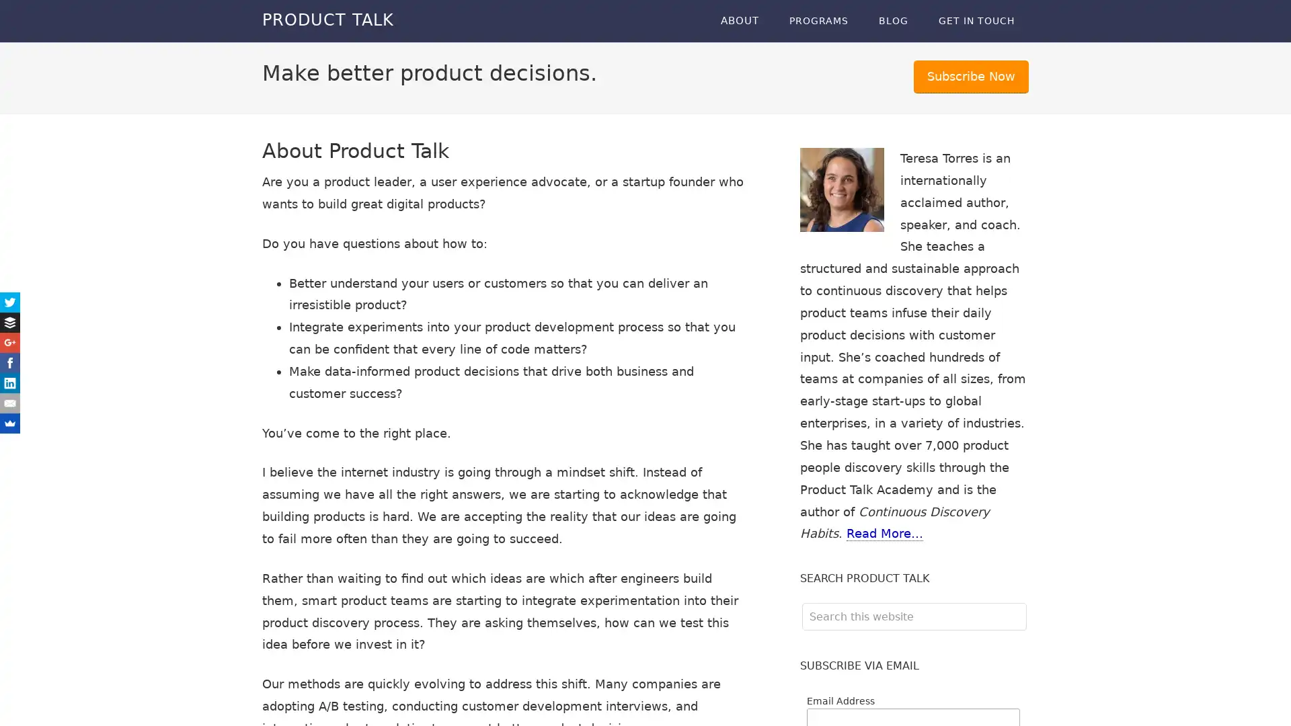 This screenshot has height=726, width=1291. Describe the element at coordinates (1025, 602) in the screenshot. I see `Search` at that location.